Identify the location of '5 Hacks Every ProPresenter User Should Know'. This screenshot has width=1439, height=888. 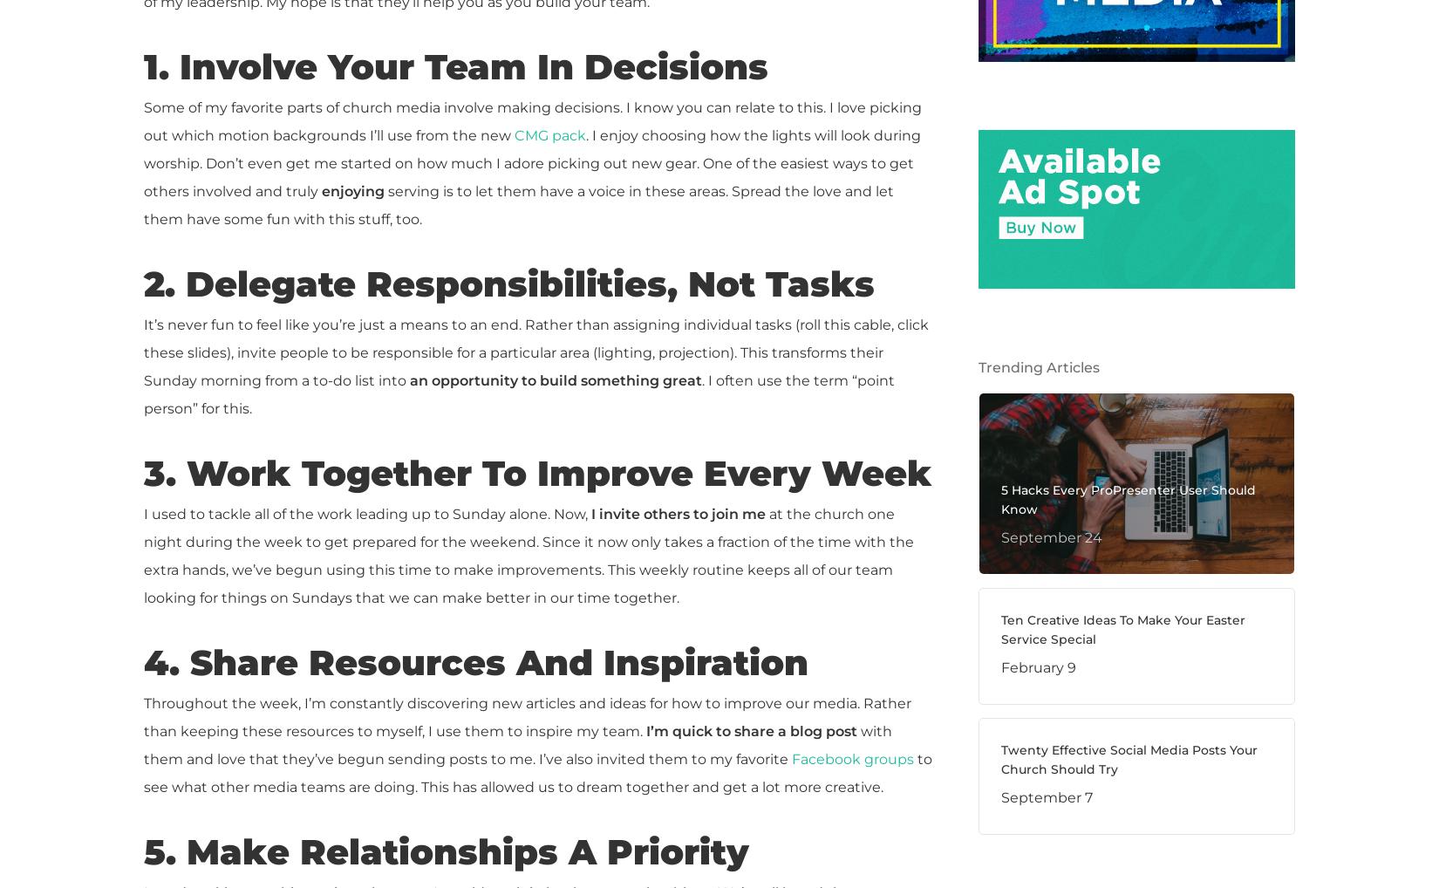
(1126, 499).